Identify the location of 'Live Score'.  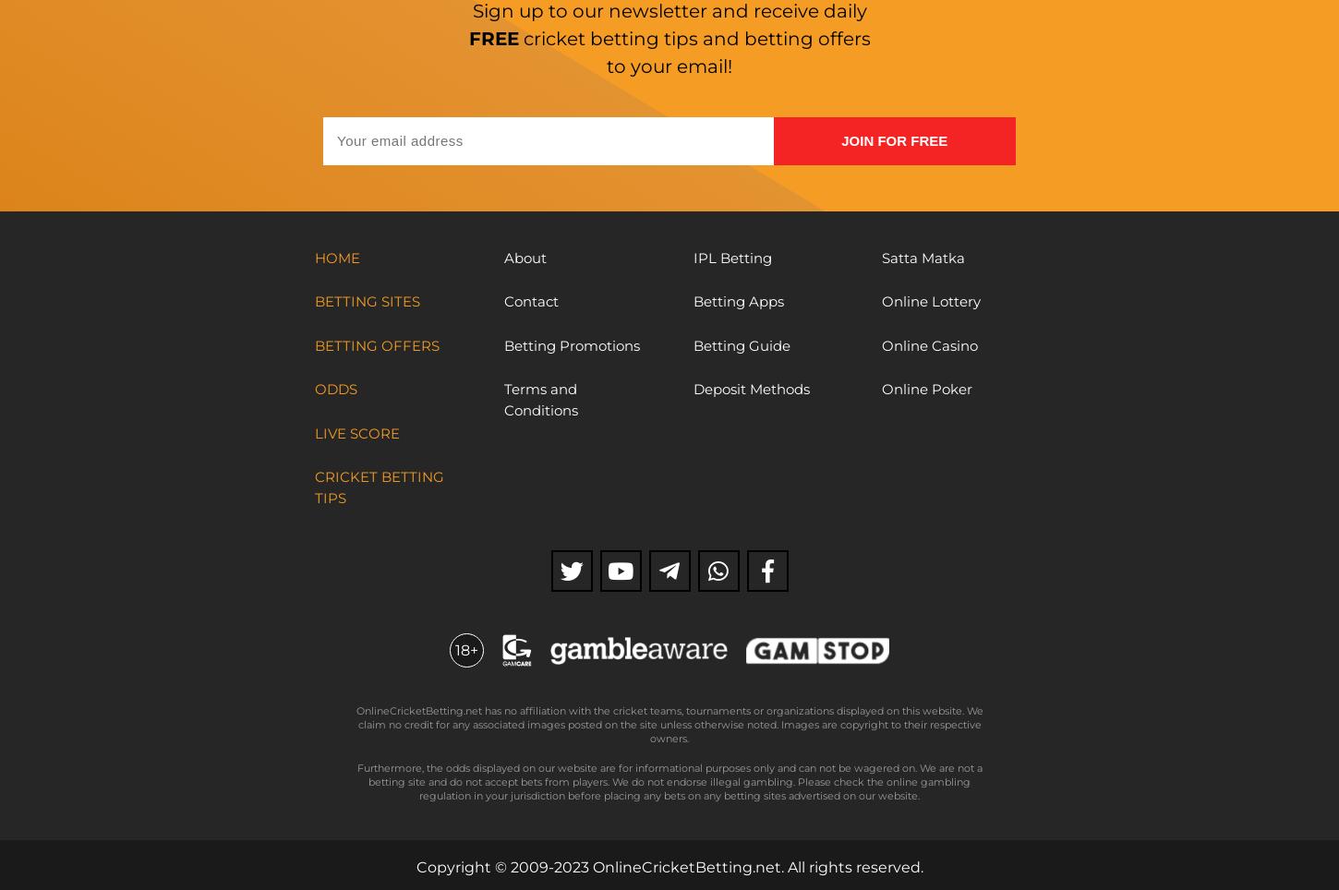
(356, 432).